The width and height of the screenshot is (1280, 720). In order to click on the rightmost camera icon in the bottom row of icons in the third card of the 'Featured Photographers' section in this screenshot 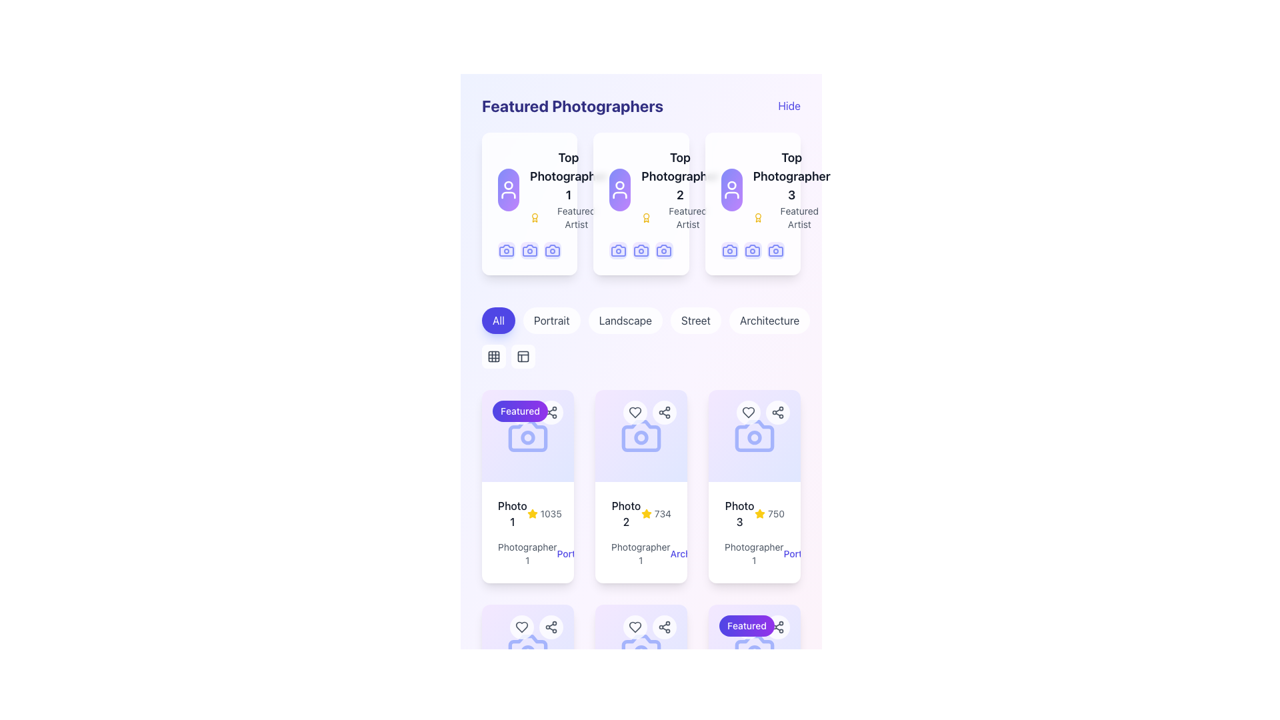, I will do `click(775, 251)`.